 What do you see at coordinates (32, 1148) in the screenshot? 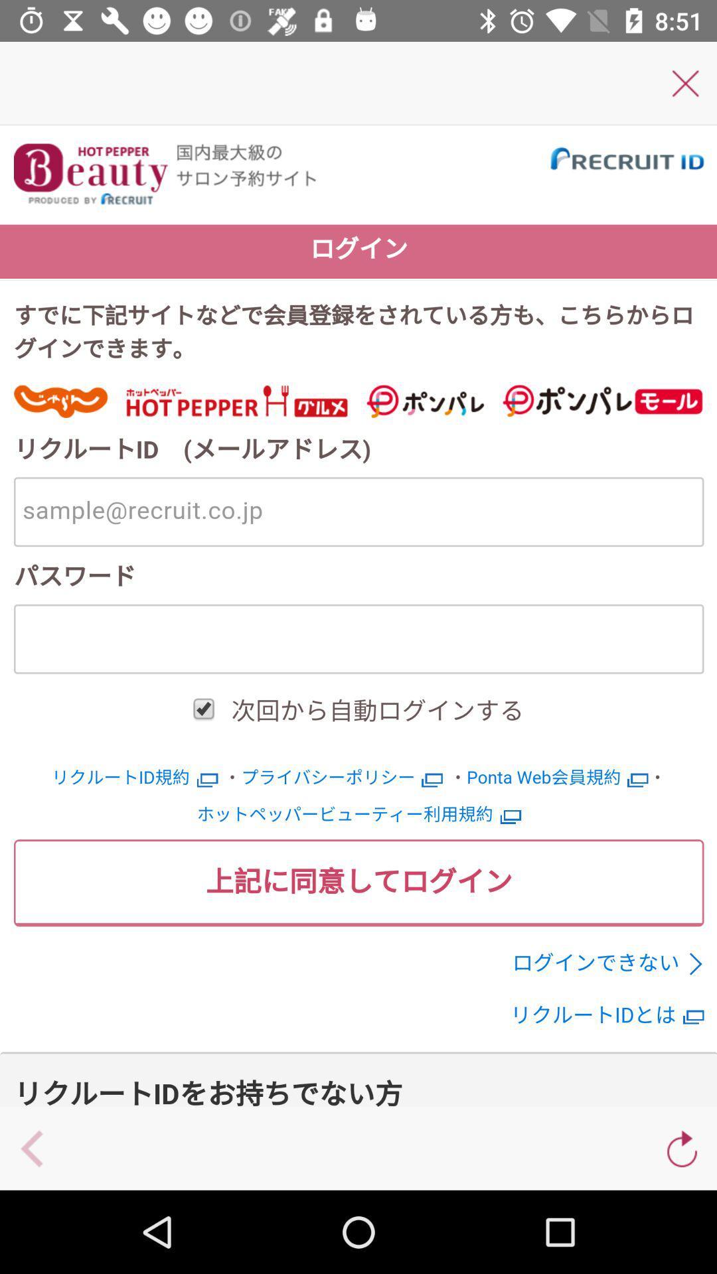
I see `the arrow_backward icon` at bounding box center [32, 1148].